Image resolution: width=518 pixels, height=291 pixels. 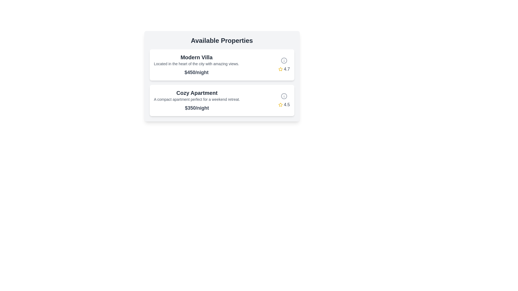 What do you see at coordinates (287, 105) in the screenshot?
I see `the text label displaying the rating score for the 'Cozy Apartment' located in the lower-right corner of the card` at bounding box center [287, 105].